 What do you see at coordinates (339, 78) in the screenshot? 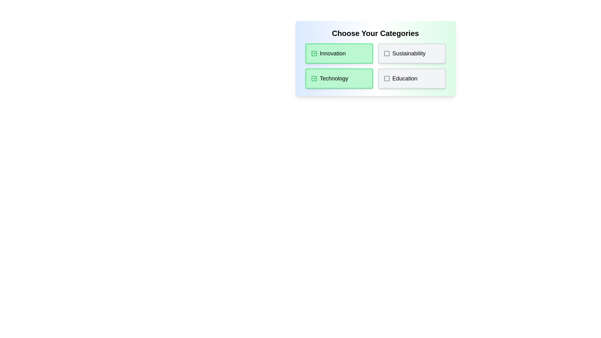
I see `the tag Technology` at bounding box center [339, 78].